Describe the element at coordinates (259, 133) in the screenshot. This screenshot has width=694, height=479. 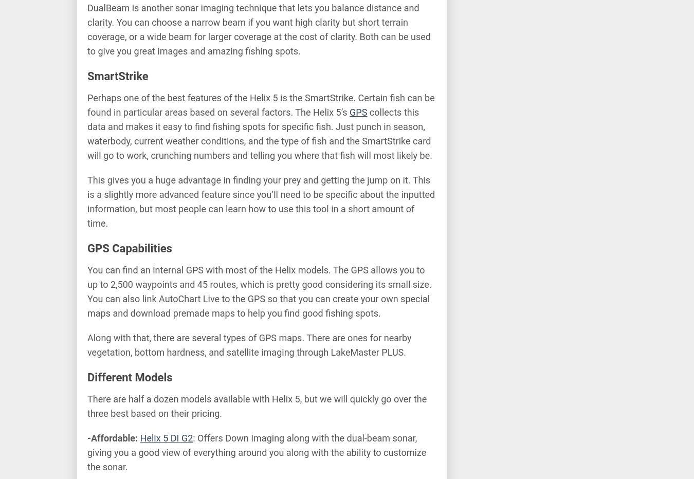
I see `'collects this data and makes it easy to find fishing spots for specific fish. Just punch in season, waterbody, current weather conditions, and the type of fish and the SmartStrike card will go to work, crunching numbers and telling you where that fish will most likely be.'` at that location.